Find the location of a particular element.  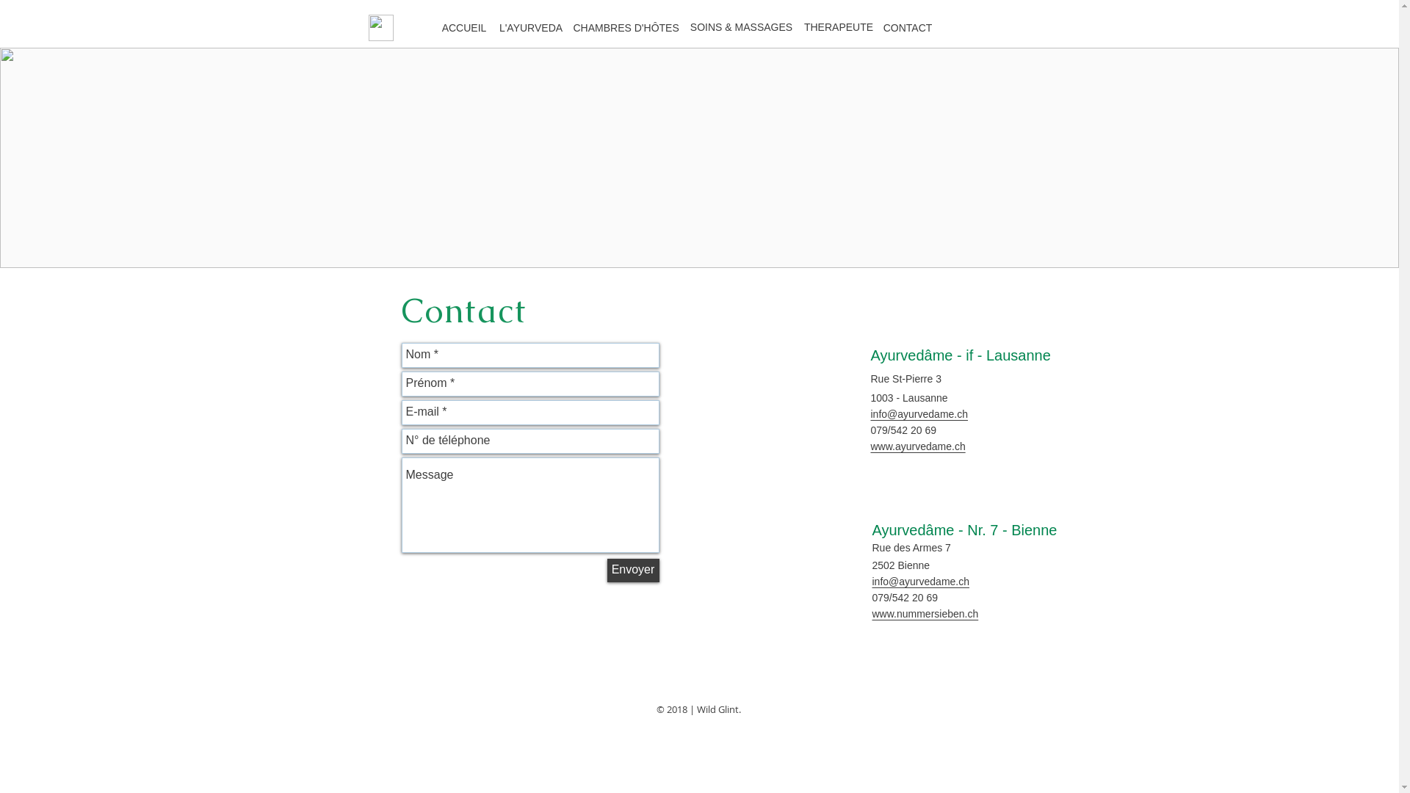

'CONTACT' is located at coordinates (906, 29).